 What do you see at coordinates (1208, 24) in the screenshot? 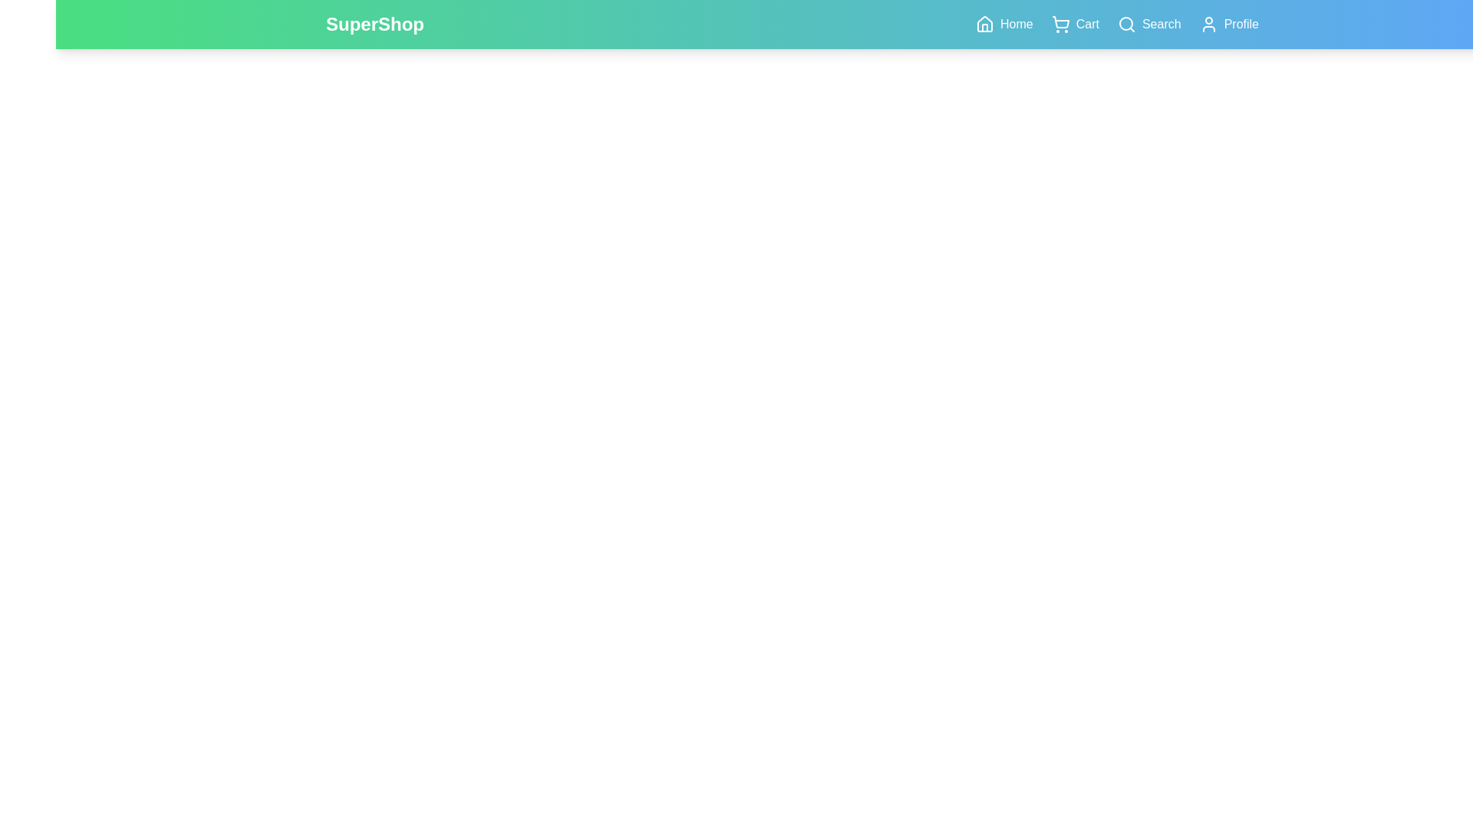
I see `the user icon represented by a silhouette of a person, located on the top-right corner of the navigation bar, adjacent to the 'Profile' text` at bounding box center [1208, 24].